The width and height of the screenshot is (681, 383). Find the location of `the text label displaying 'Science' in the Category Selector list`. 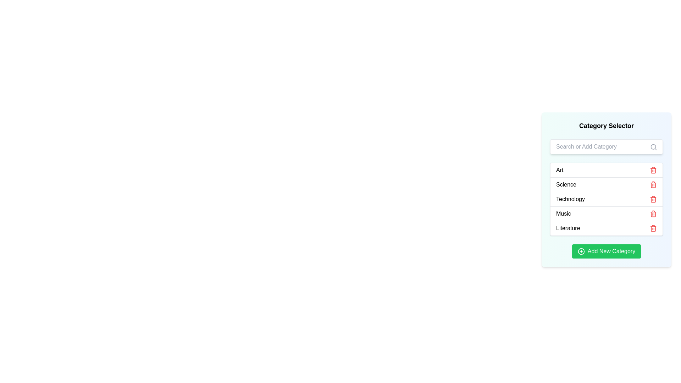

the text label displaying 'Science' in the Category Selector list is located at coordinates (566, 184).